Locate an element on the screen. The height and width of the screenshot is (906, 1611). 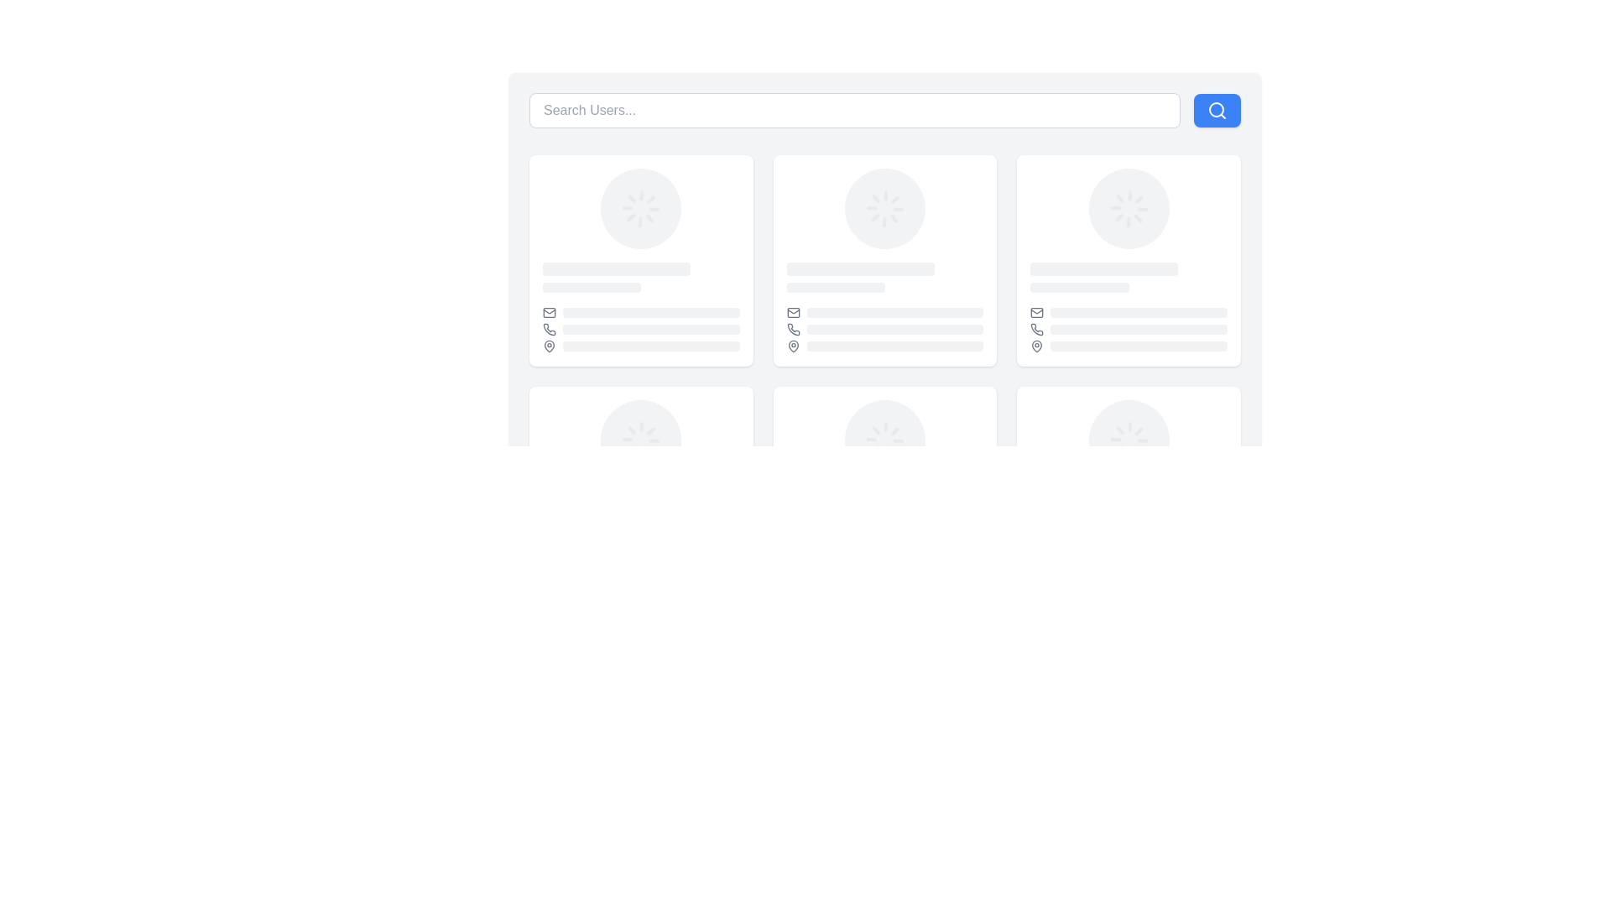
placeholder content area consisting of two vertically arranged rounded rectangles, located in the upper section of the second user profile card, just below the circular avatar placeholder is located at coordinates (884, 277).